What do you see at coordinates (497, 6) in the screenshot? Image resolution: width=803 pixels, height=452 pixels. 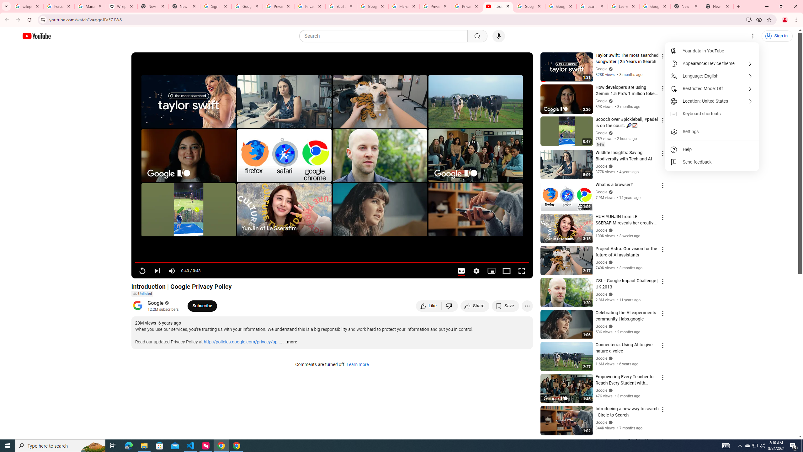 I see `'Introduction | Google Privacy Policy - YouTube'` at bounding box center [497, 6].